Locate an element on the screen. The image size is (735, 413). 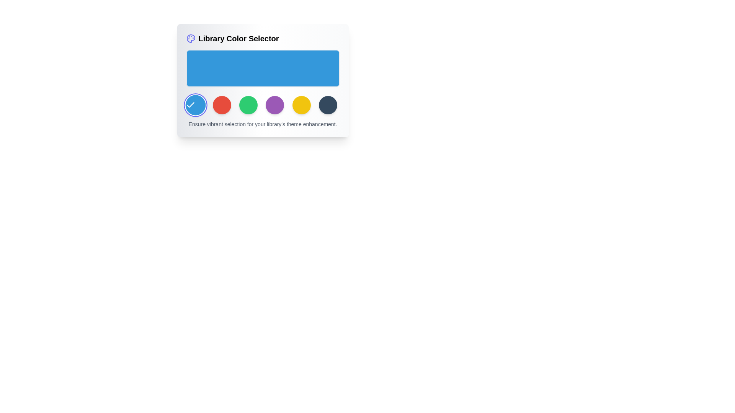
the first circular button in the 'Library Color Selector' section that selects blue as the active color is located at coordinates (195, 105).